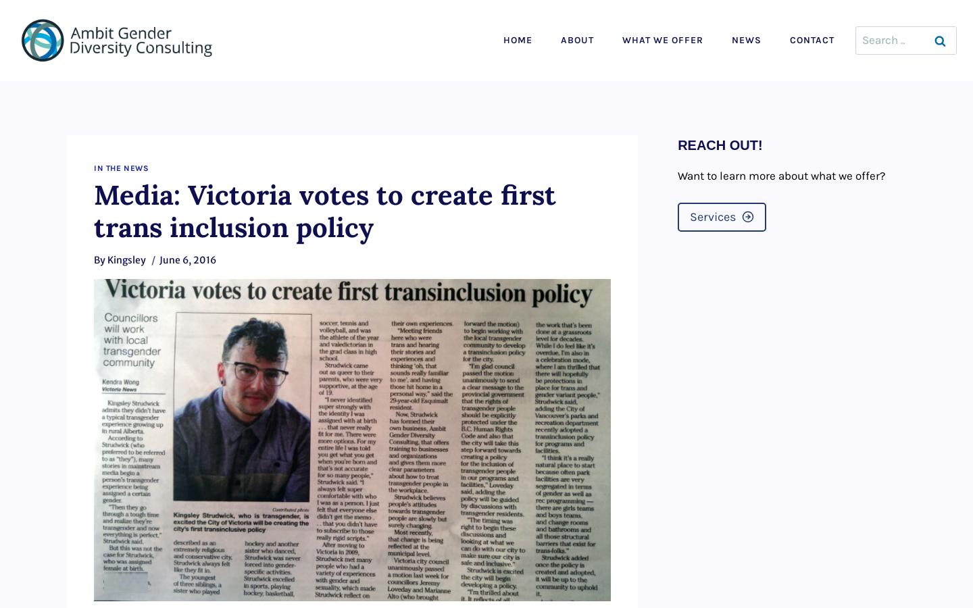 This screenshot has height=608, width=973. What do you see at coordinates (781, 175) in the screenshot?
I see `'Want to learn more about what we offer?'` at bounding box center [781, 175].